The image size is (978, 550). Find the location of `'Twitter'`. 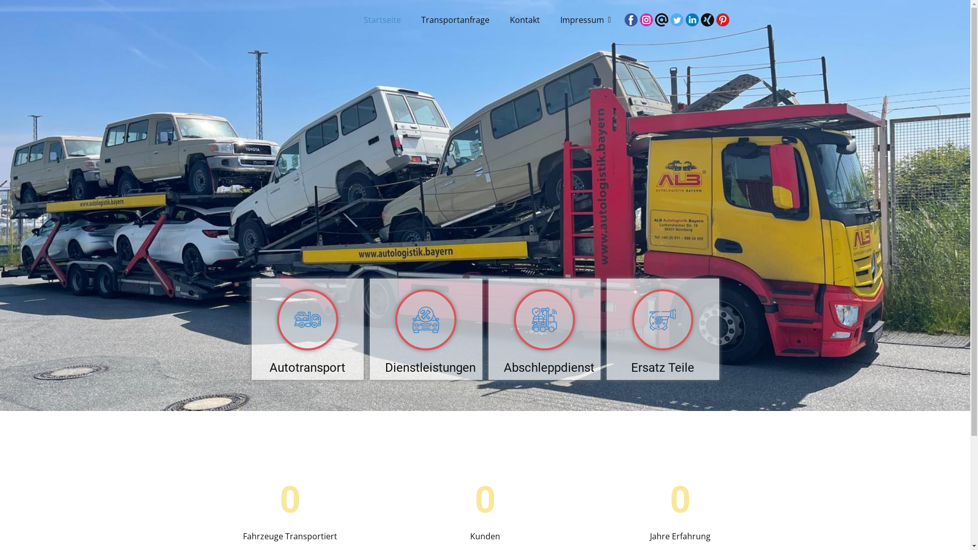

'Twitter' is located at coordinates (677, 19).